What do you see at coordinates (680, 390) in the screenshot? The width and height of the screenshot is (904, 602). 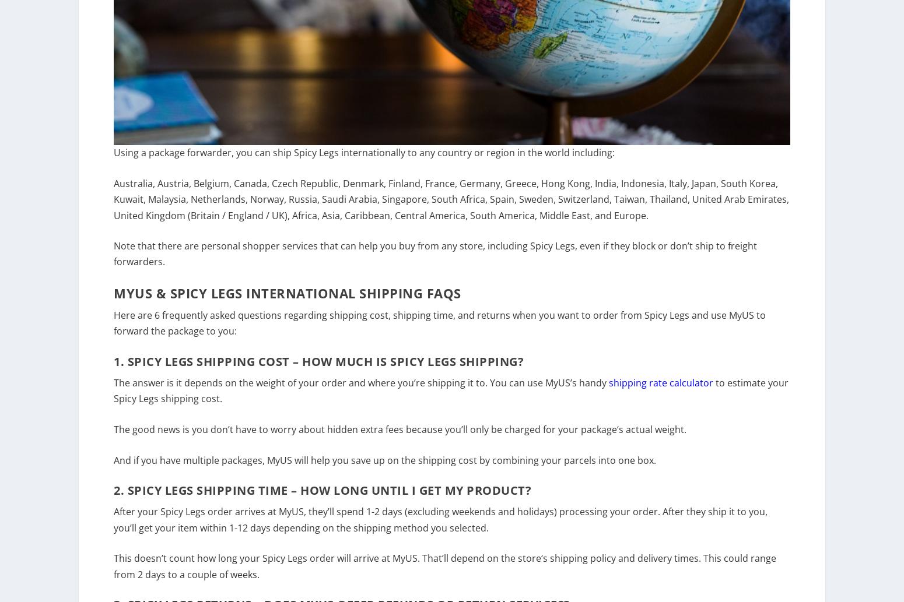 I see `'rate calculator'` at bounding box center [680, 390].